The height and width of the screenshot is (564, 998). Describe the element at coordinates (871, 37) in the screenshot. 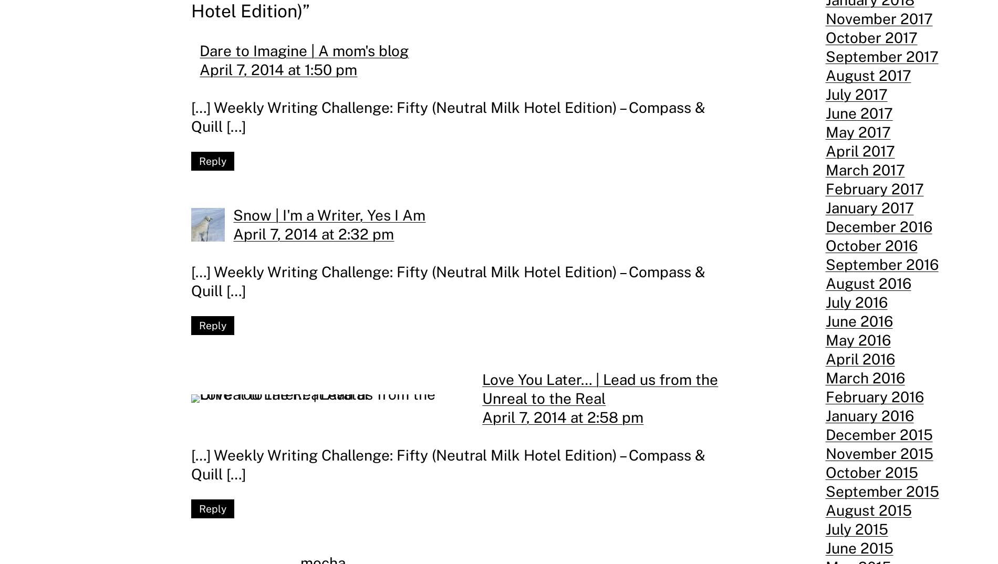

I see `'October 2017'` at that location.